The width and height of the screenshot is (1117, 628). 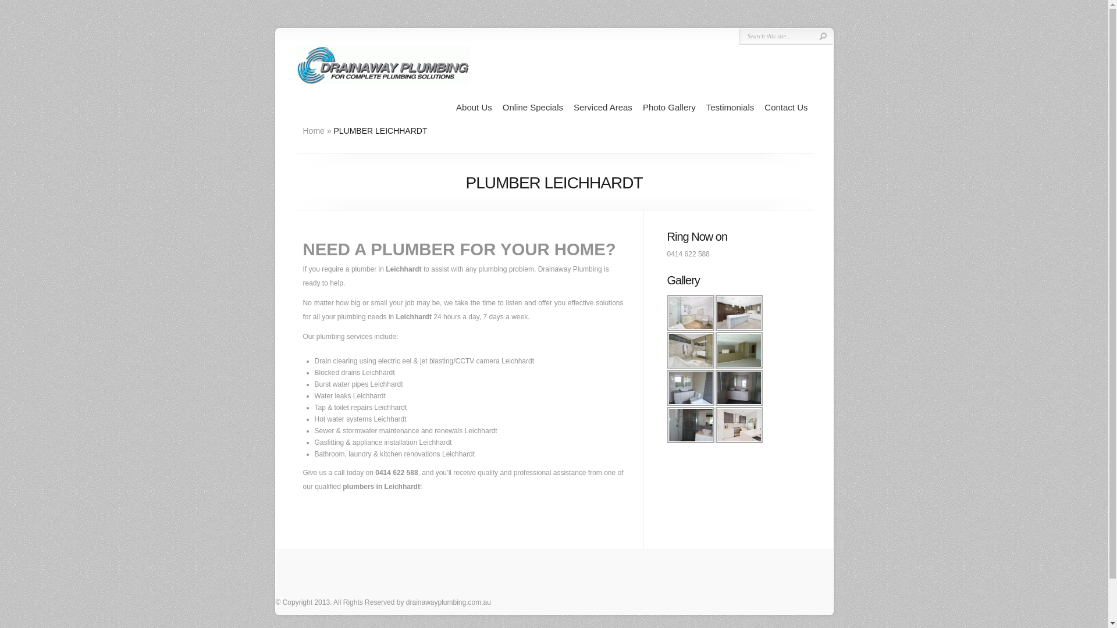 What do you see at coordinates (532, 108) in the screenshot?
I see `'Online Specials'` at bounding box center [532, 108].